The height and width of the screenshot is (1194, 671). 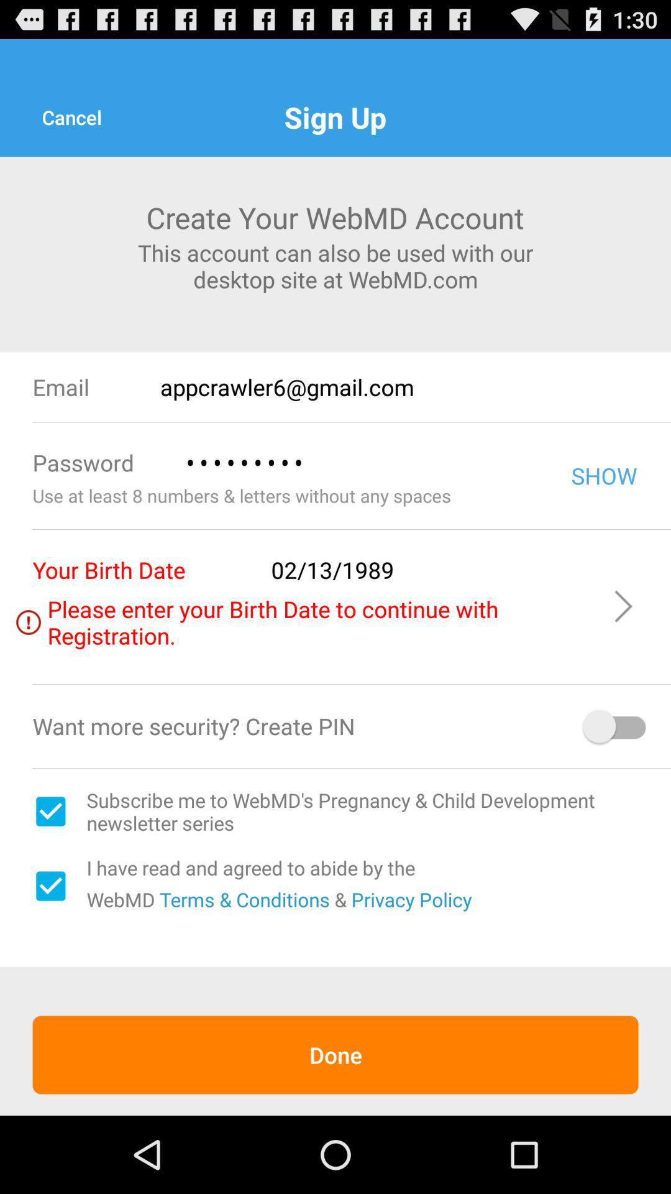 What do you see at coordinates (50, 886) in the screenshot?
I see `terms and conditions acceptance` at bounding box center [50, 886].